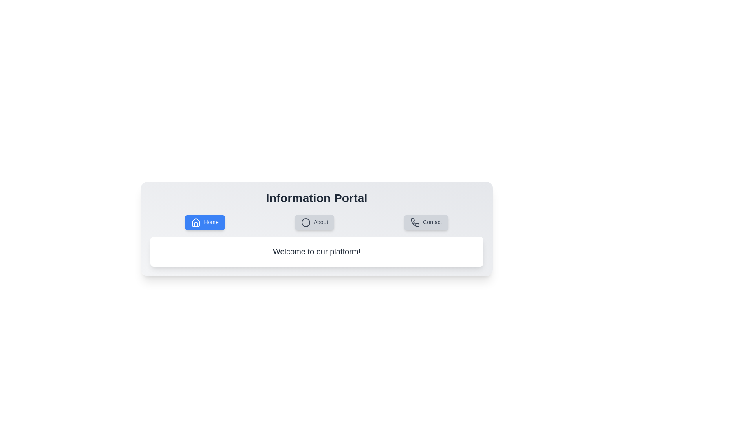 This screenshot has height=424, width=754. Describe the element at coordinates (305, 223) in the screenshot. I see `the 'About' button which contains a gray circular icon with two vertical dots in its center for keyboard actions` at that location.